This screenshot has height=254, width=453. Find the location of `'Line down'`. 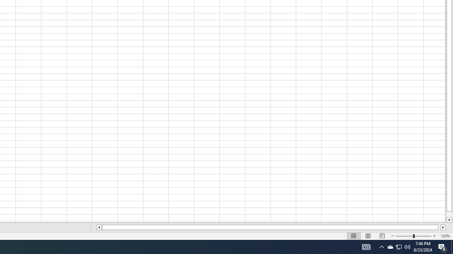

'Line down' is located at coordinates (449, 220).